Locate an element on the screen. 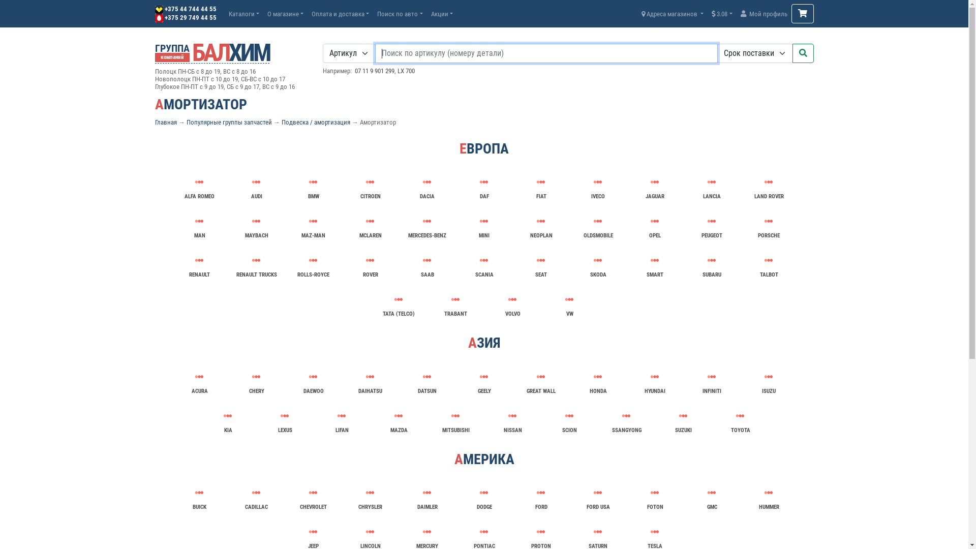 The width and height of the screenshot is (976, 549). 'PORSCHE' is located at coordinates (742, 224).